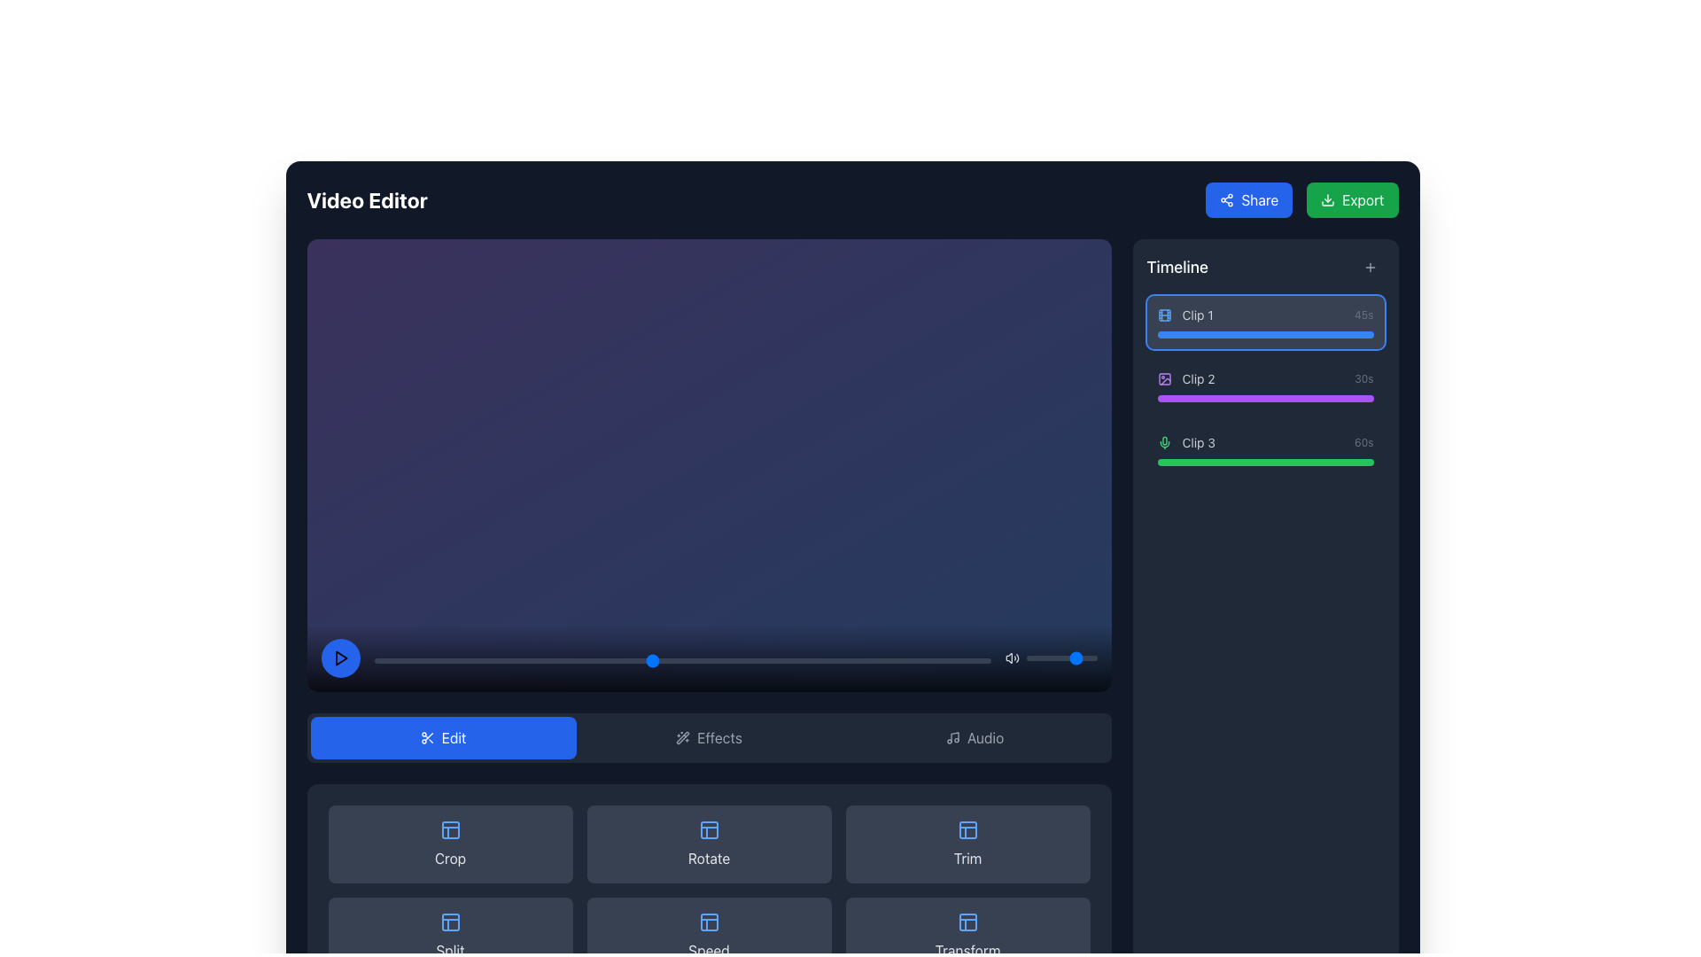  I want to click on the slider, so click(1068, 657).